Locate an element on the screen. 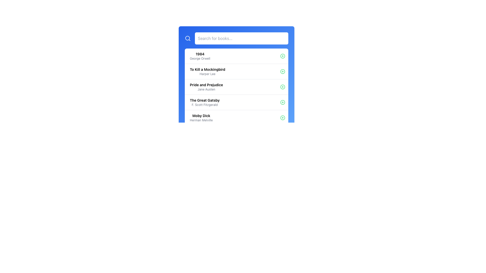 This screenshot has height=273, width=486. static text label displaying the author's name 'Herman Melville', which is located beneath the title 'Moby Dick' is located at coordinates (201, 120).